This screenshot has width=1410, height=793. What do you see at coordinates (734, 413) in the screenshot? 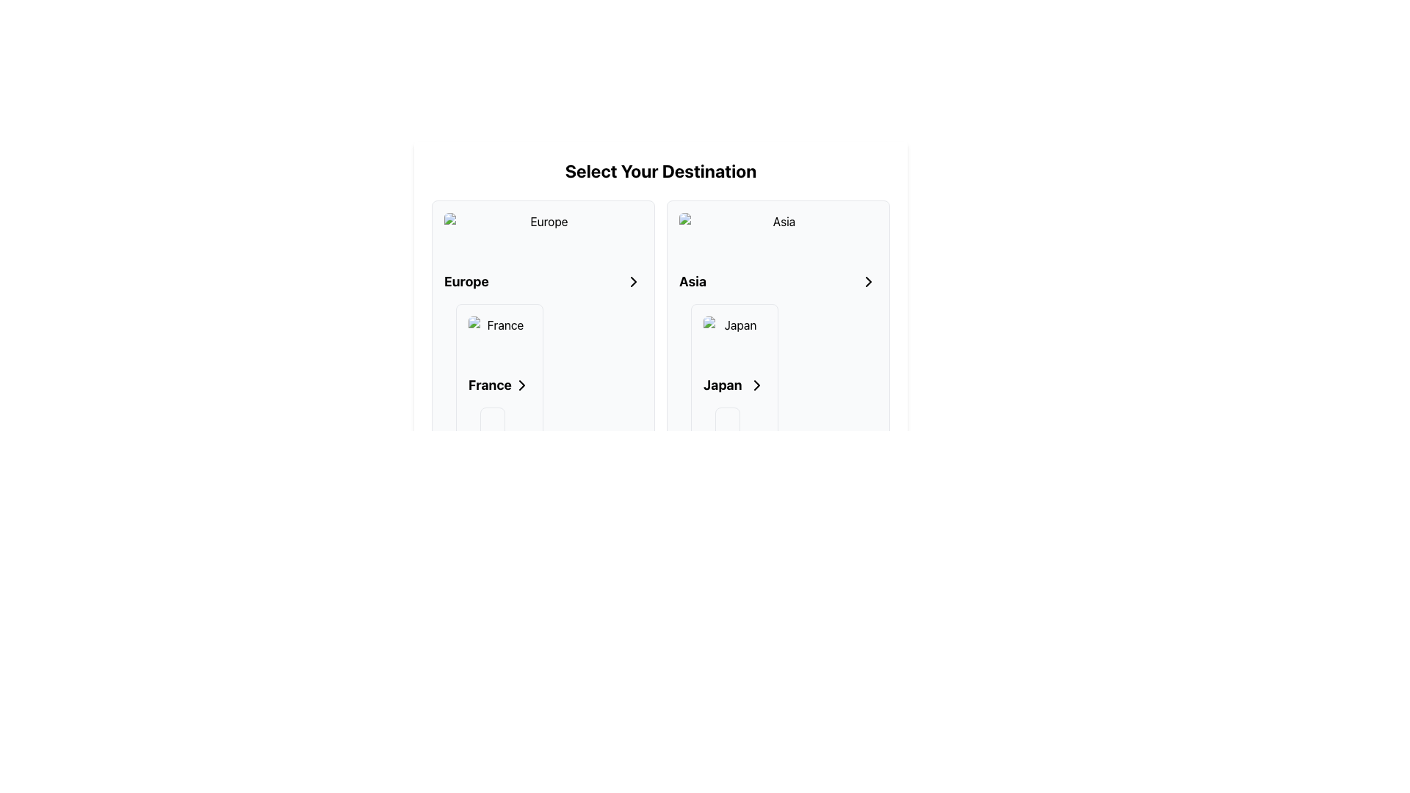
I see `the Destination selection card for 'Japan', which is the first card in the second column under the Asia section of the grid layout` at bounding box center [734, 413].